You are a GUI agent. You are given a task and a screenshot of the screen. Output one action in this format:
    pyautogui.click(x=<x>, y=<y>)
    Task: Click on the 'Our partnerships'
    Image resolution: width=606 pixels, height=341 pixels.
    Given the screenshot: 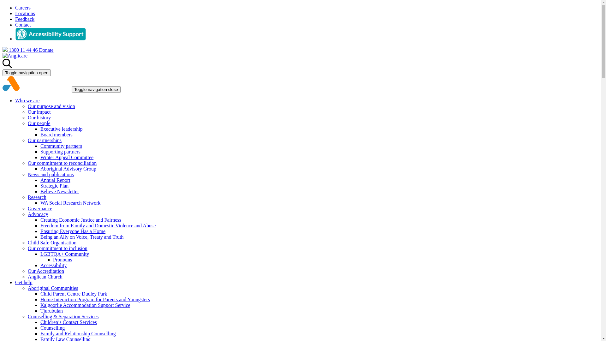 What is the action you would take?
    pyautogui.click(x=44, y=140)
    